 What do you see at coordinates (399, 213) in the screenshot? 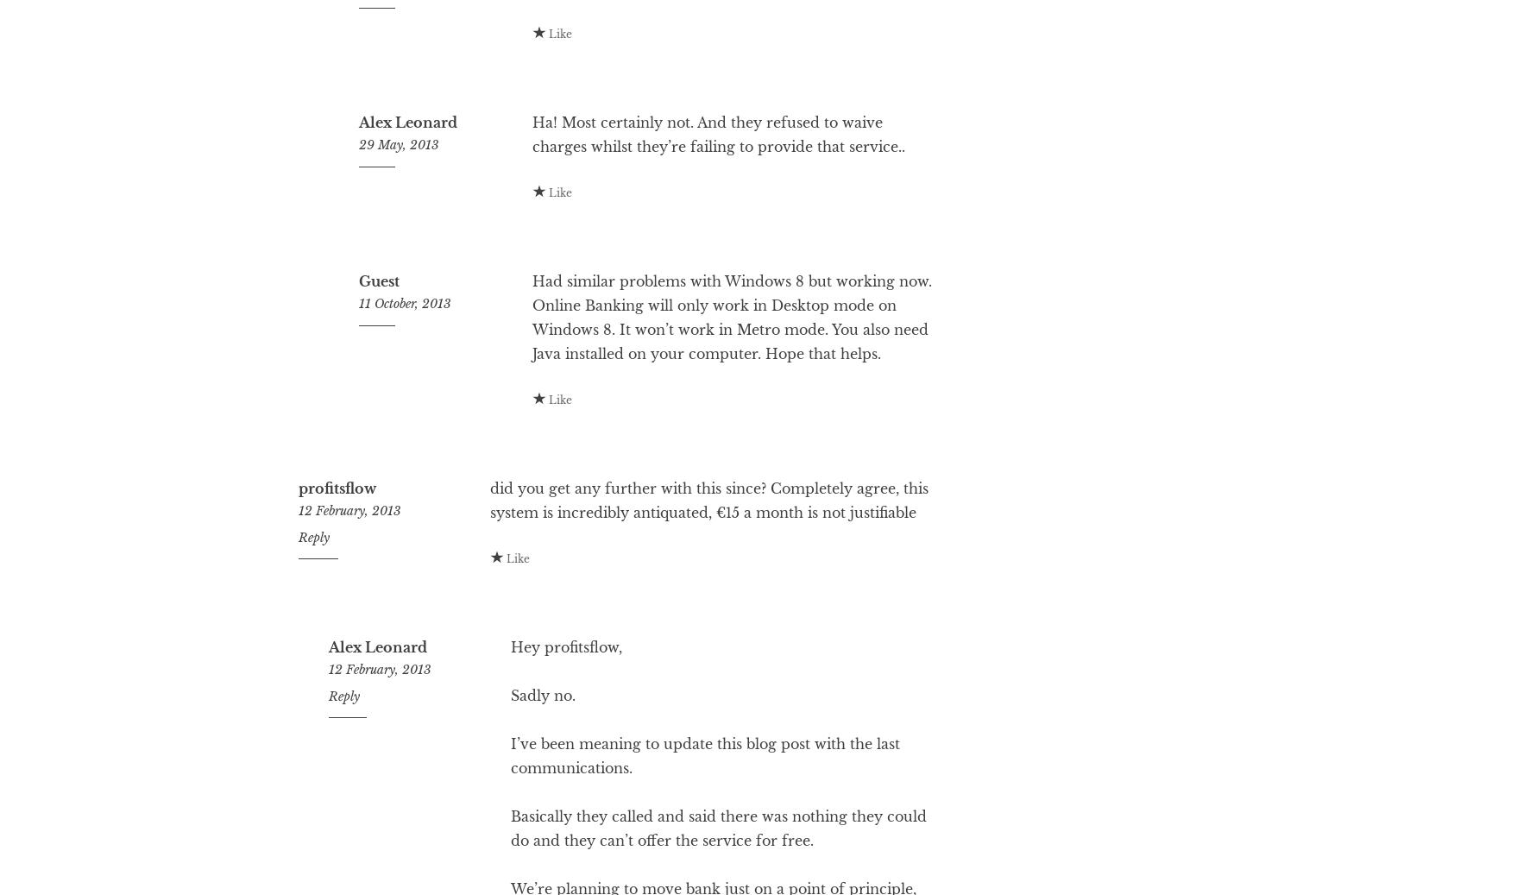
I see `'29 May, 2013'` at bounding box center [399, 213].